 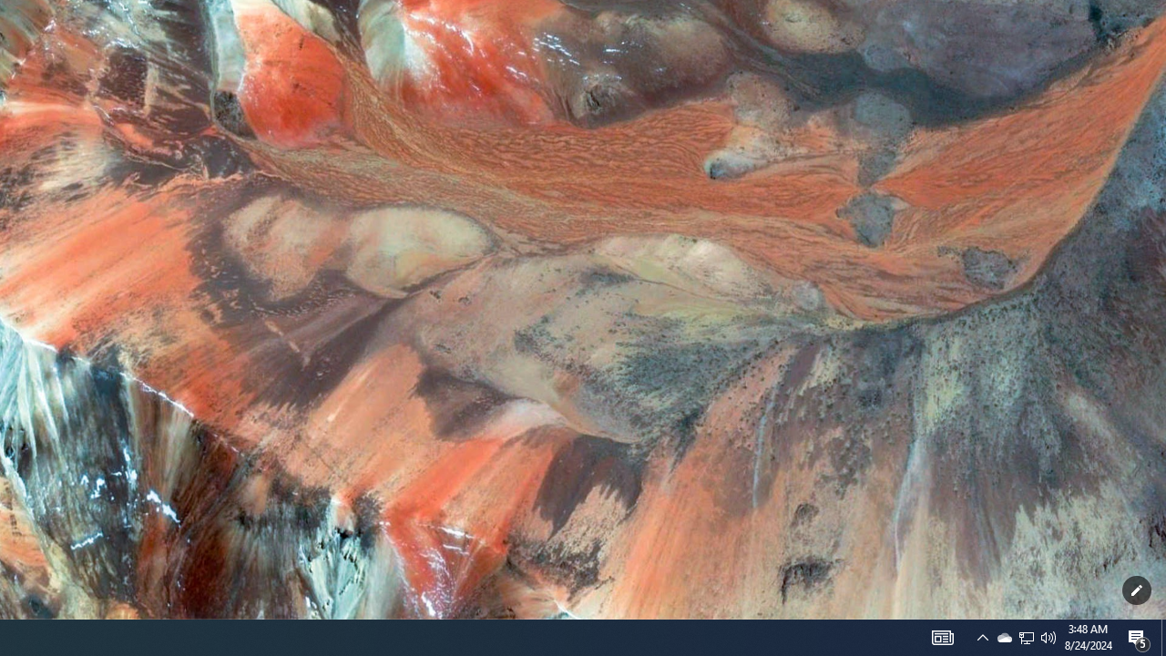 What do you see at coordinates (1136, 590) in the screenshot?
I see `'Customize this page'` at bounding box center [1136, 590].